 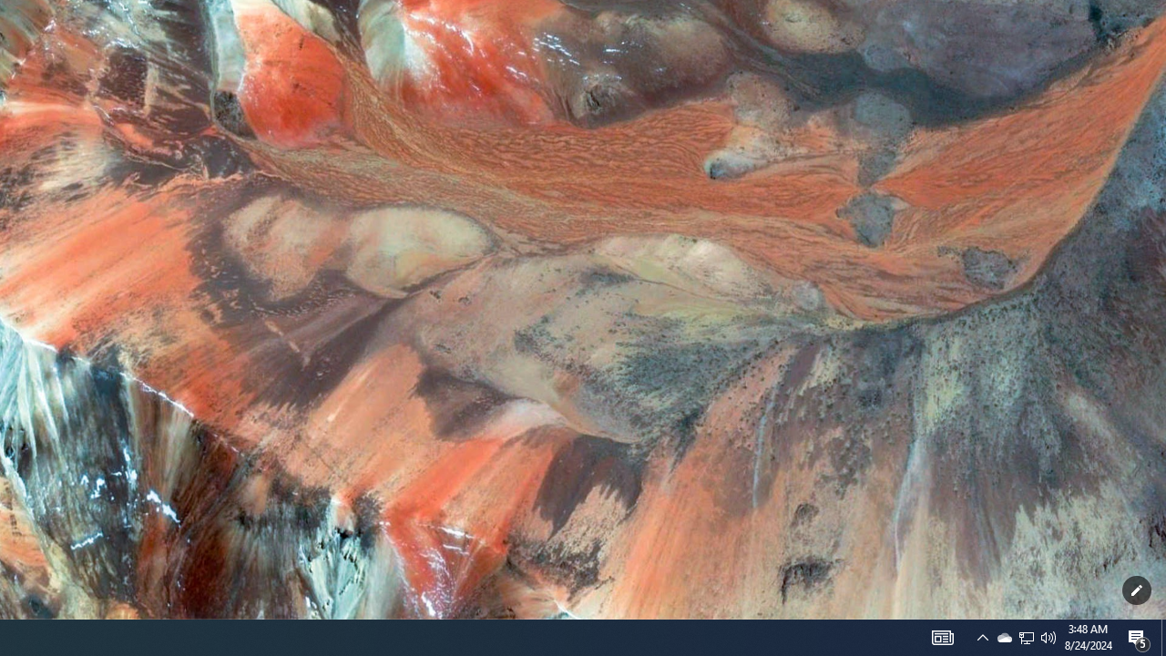 What do you see at coordinates (1136, 590) in the screenshot?
I see `'Customize this page'` at bounding box center [1136, 590].